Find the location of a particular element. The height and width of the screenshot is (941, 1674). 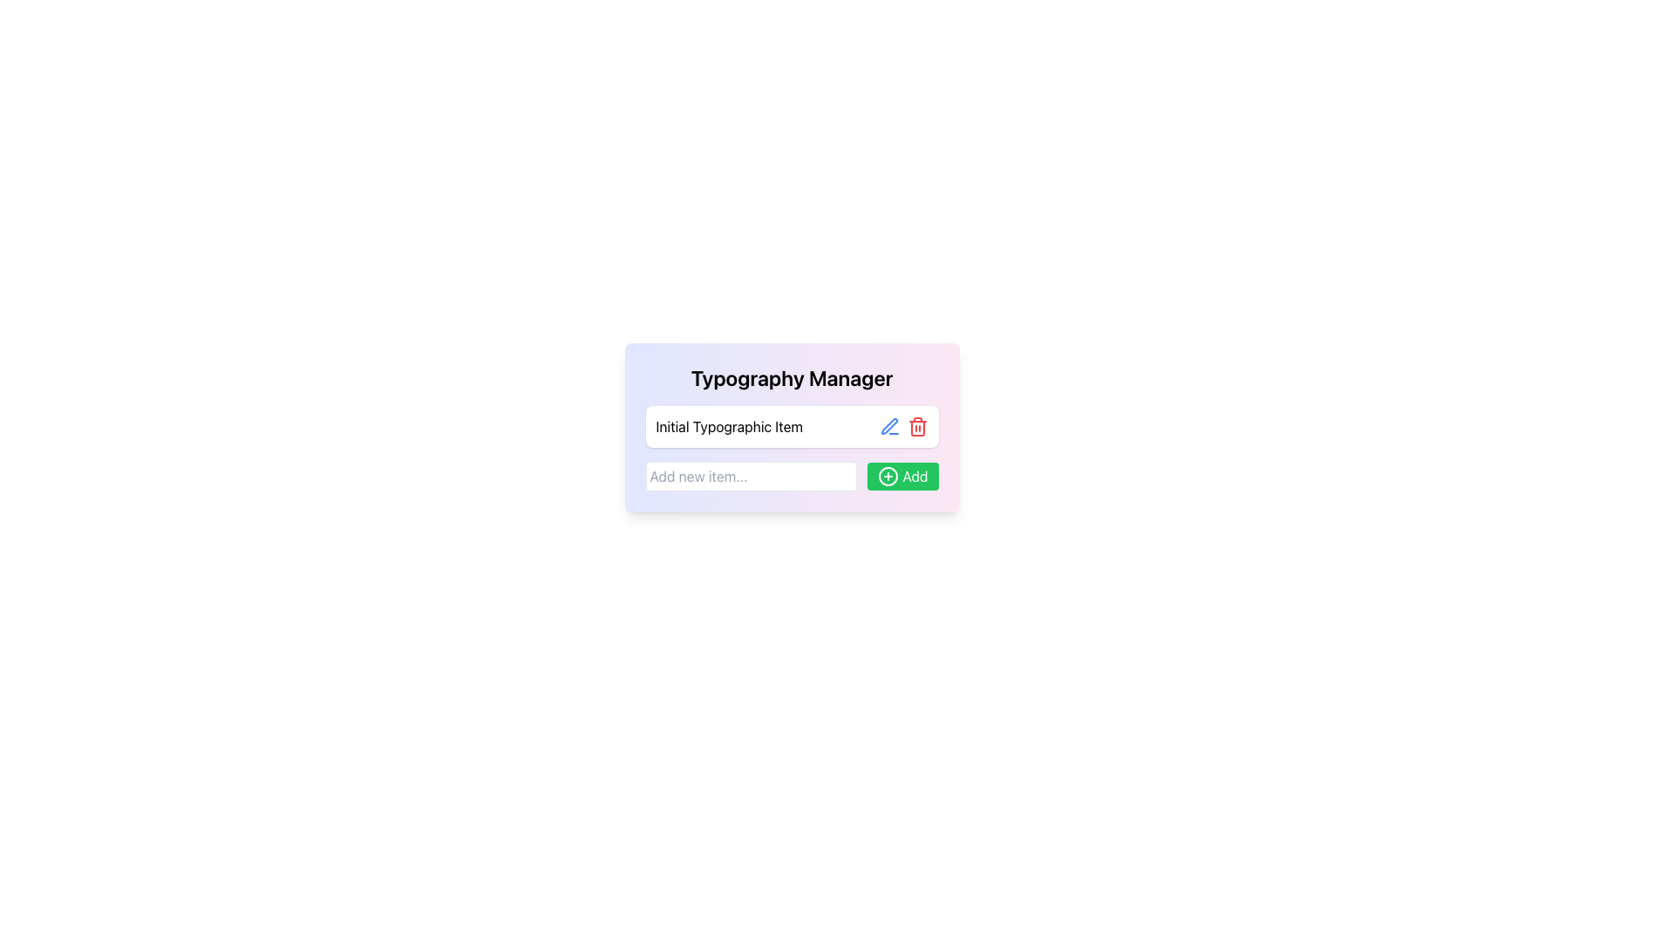

the delete icon button located to the right of the blue edit icon is located at coordinates (916, 426).